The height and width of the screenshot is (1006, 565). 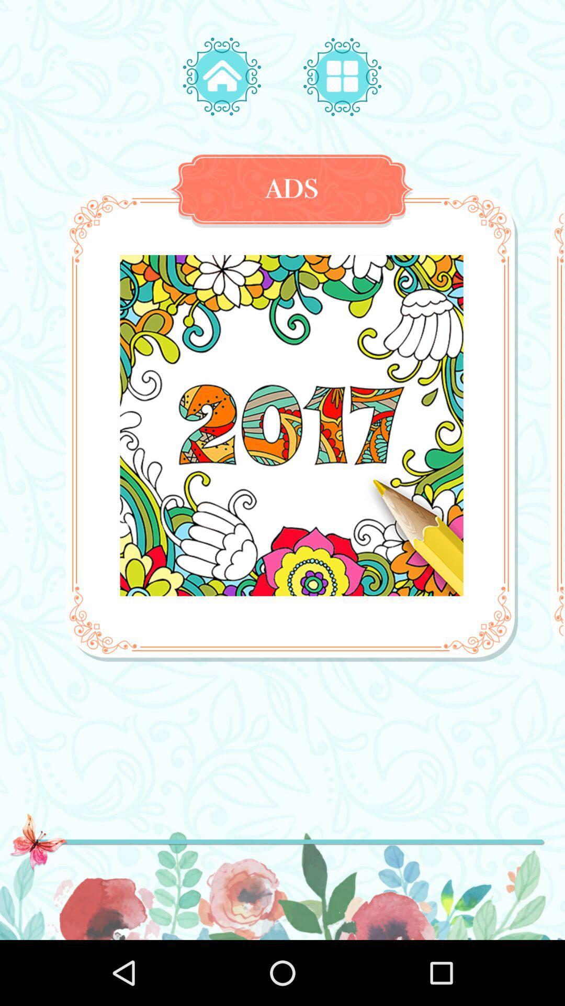 I want to click on the star icon, so click(x=342, y=76).